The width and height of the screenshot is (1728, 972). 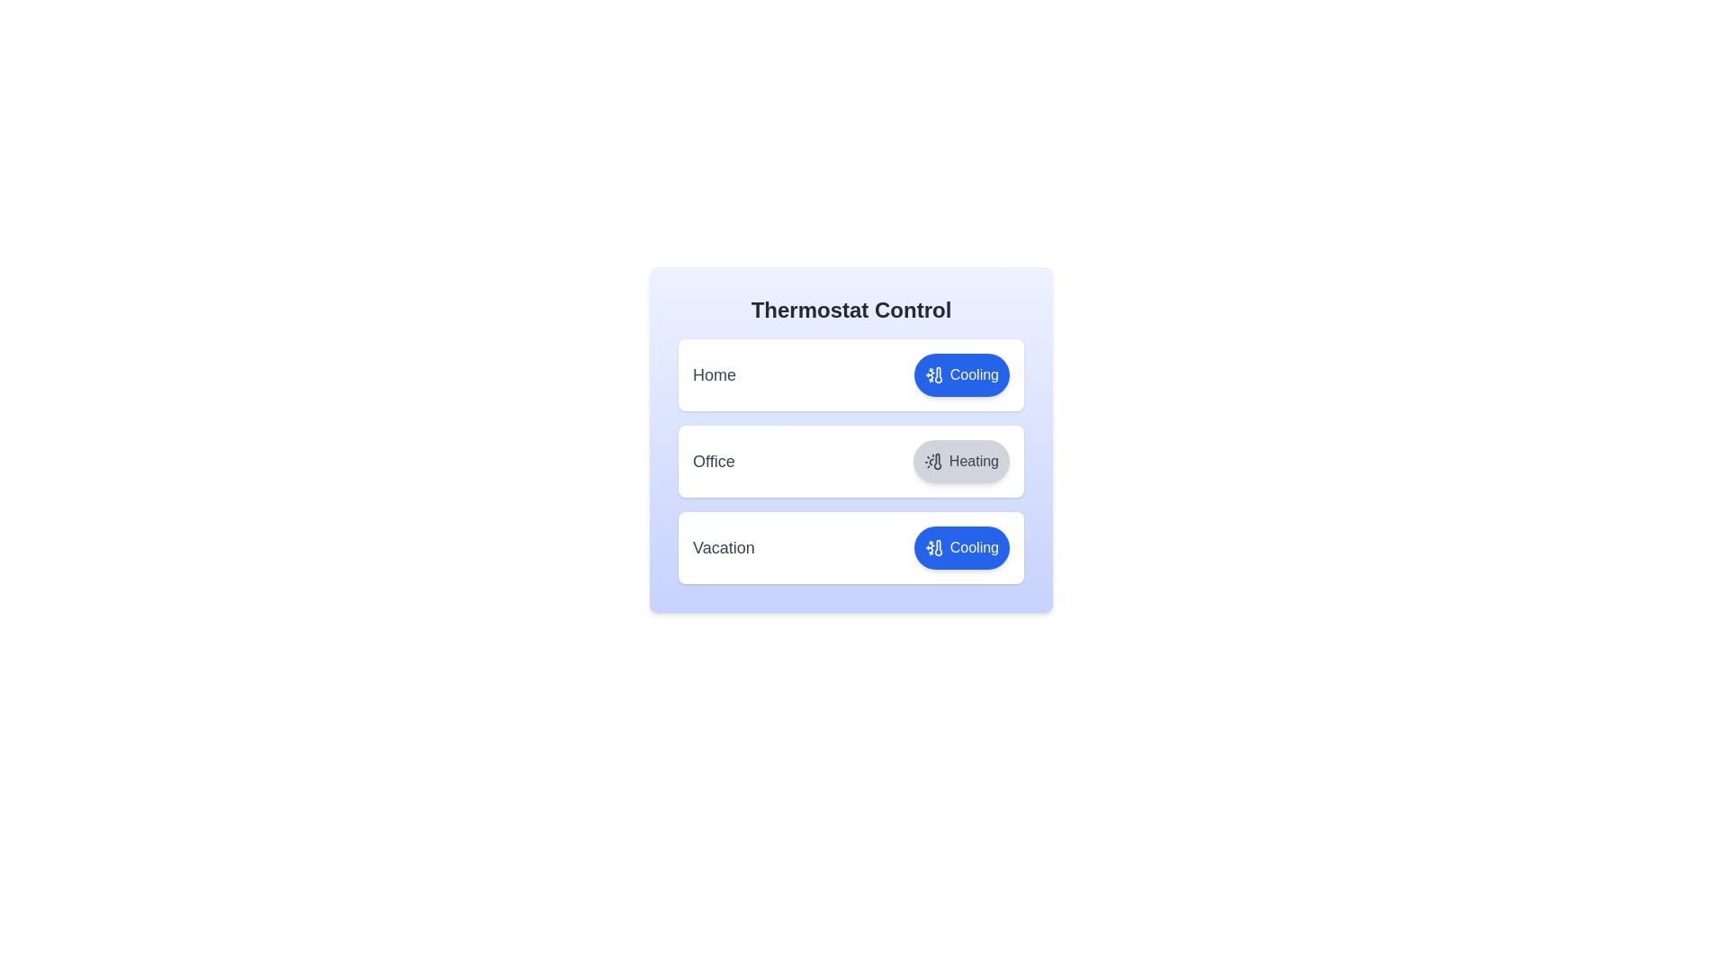 What do you see at coordinates (960, 373) in the screenshot?
I see `the 'Cooling' button for the 'Home' setting to toggle its state to 'Heating'` at bounding box center [960, 373].